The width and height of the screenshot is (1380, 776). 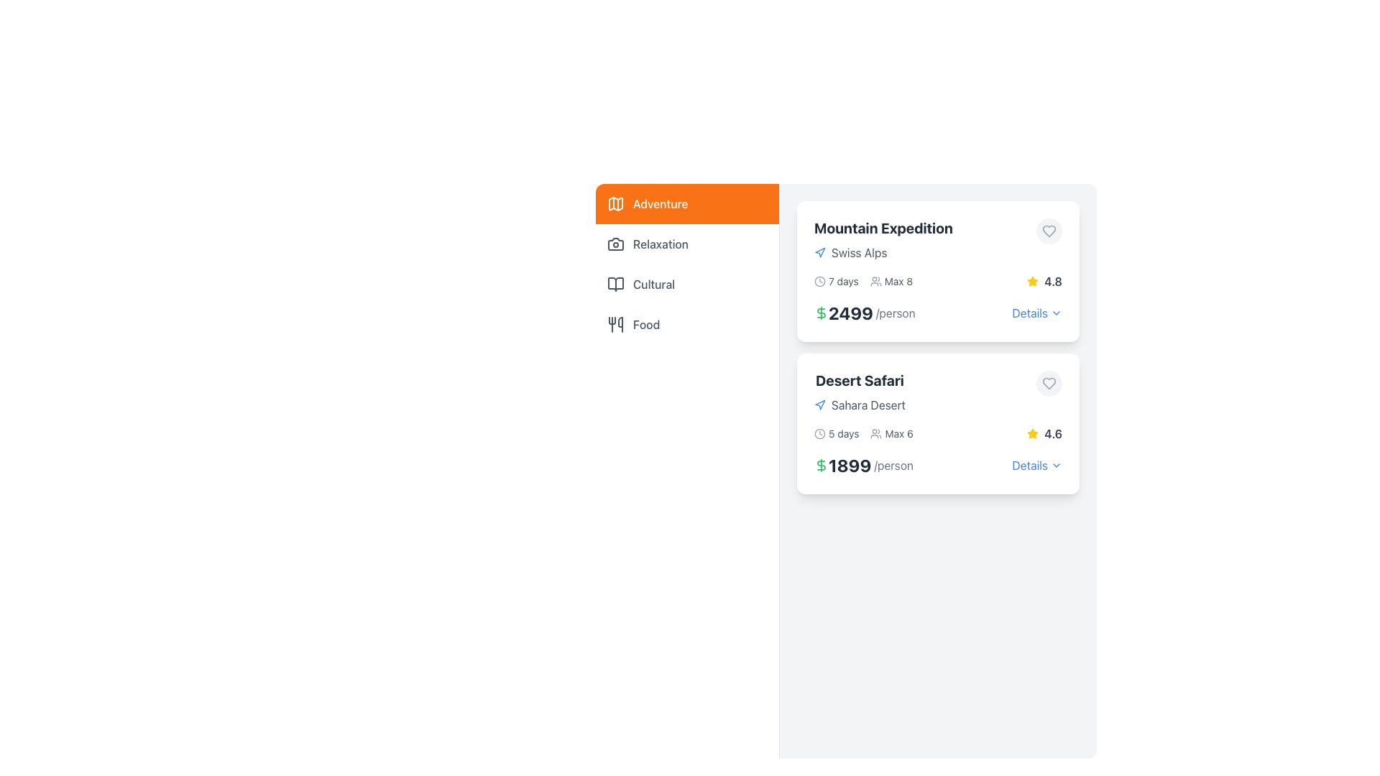 I want to click on the static text element displaying 'Max 8' with an icon of a group of people, which indicates the maximum number of people per group for the 'Mountain Expedition' trip, so click(x=891, y=282).